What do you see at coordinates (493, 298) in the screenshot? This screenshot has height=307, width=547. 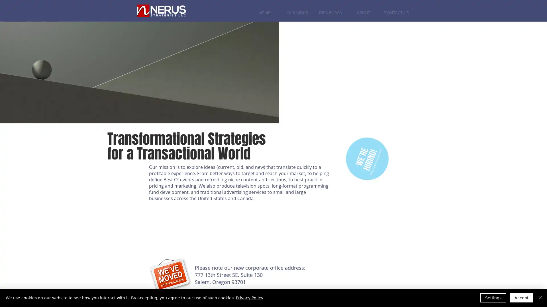 I see `Settings` at bounding box center [493, 298].